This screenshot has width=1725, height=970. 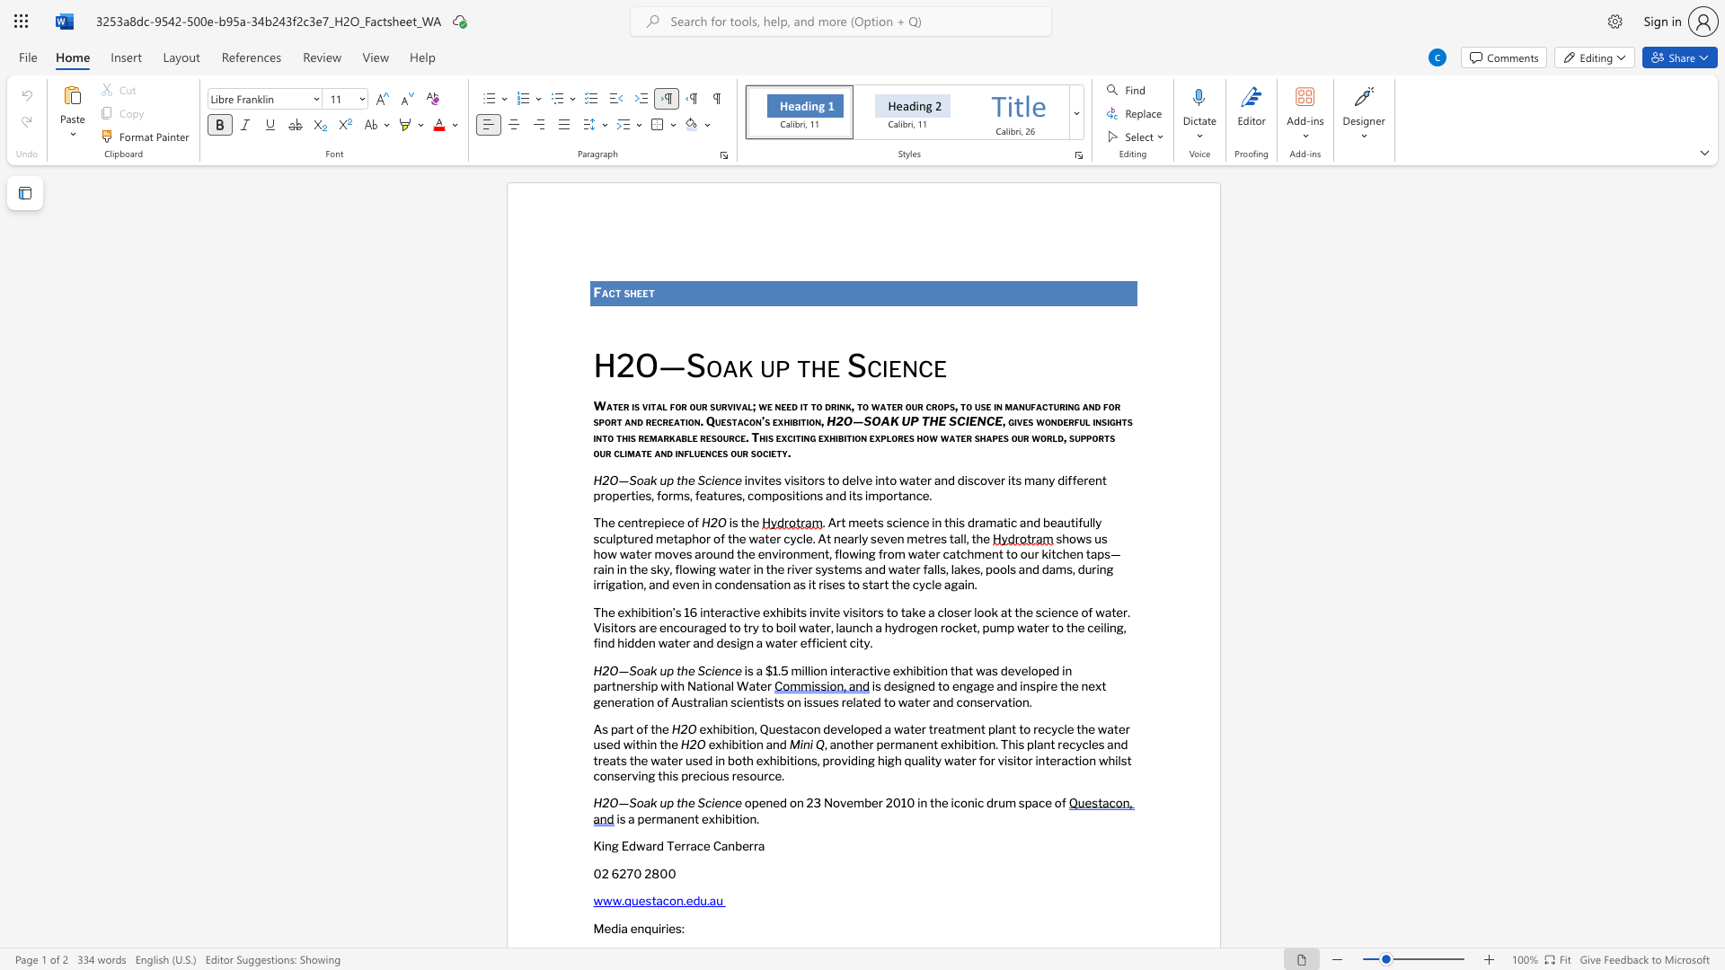 What do you see at coordinates (713, 671) in the screenshot?
I see `the subset text "enc" within the text "H2O—Soak up the Science"` at bounding box center [713, 671].